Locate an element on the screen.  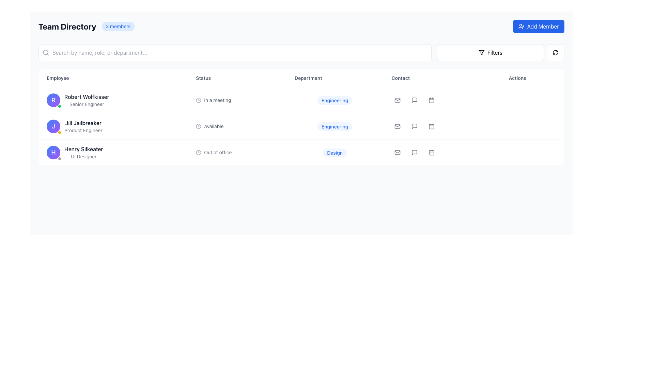
text label indicating the user's name and job title located in the second row of the 'Employee' column within the table format, adjacent to the 'Status', 'Department', 'Contact', and 'Actions' sections is located at coordinates (83, 126).